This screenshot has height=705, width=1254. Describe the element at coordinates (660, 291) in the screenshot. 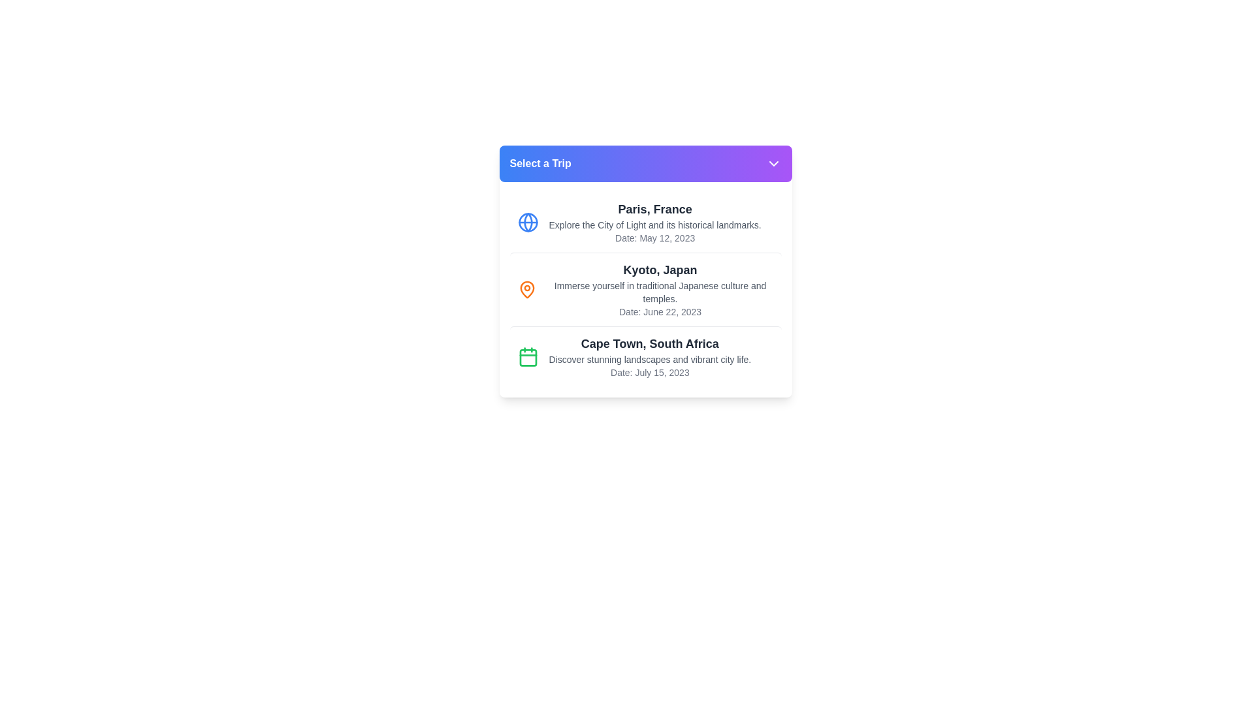

I see `the static text reading 'Immerse yourself in traditional Japanese culture and temples.' located in the middle card beneath the header 'Kyoto, Japan.'` at that location.